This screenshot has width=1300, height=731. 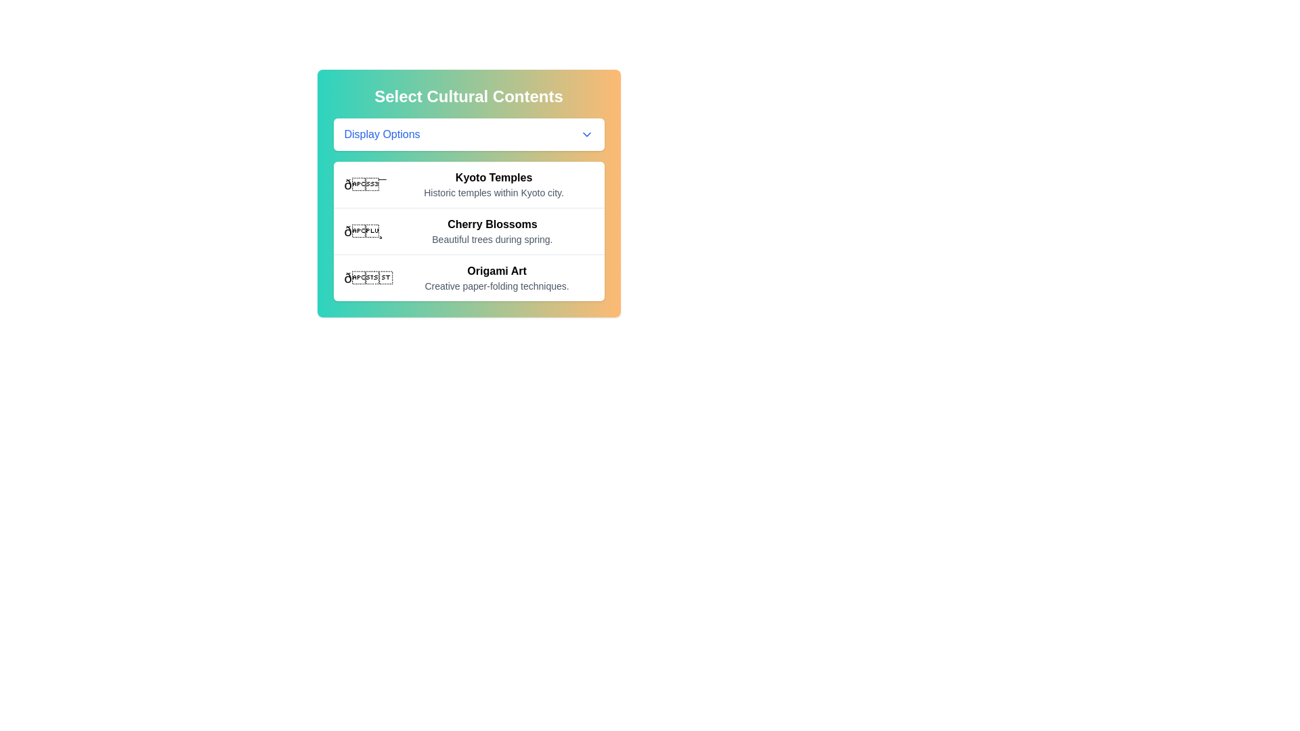 What do you see at coordinates (469, 231) in the screenshot?
I see `the second list item under the heading 'Select Cultural Contents', which has a white background and black text, featuring cultural topics with emojis and descriptive sentences` at bounding box center [469, 231].